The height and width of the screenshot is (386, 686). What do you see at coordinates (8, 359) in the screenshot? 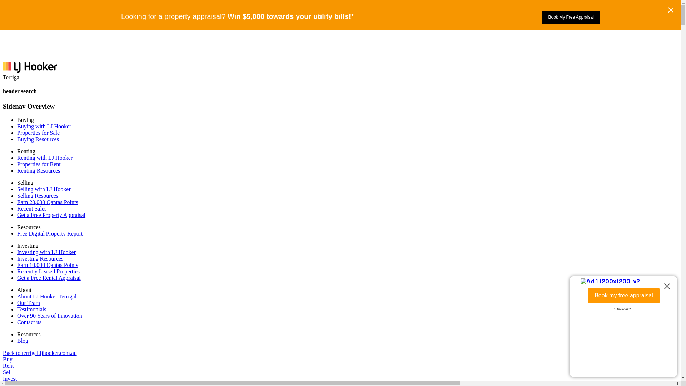
I see `'Buy'` at bounding box center [8, 359].